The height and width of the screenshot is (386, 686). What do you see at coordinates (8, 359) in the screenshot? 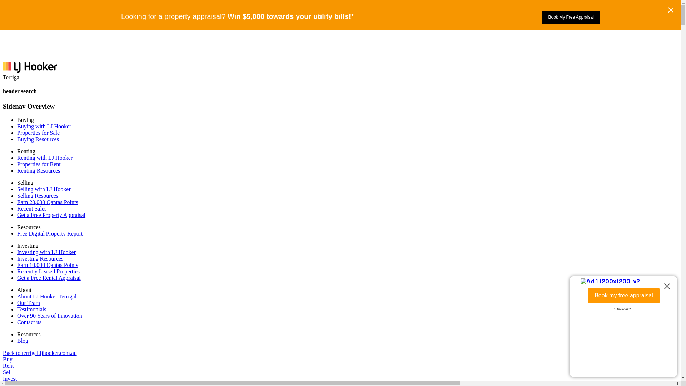
I see `'Buy'` at bounding box center [8, 359].